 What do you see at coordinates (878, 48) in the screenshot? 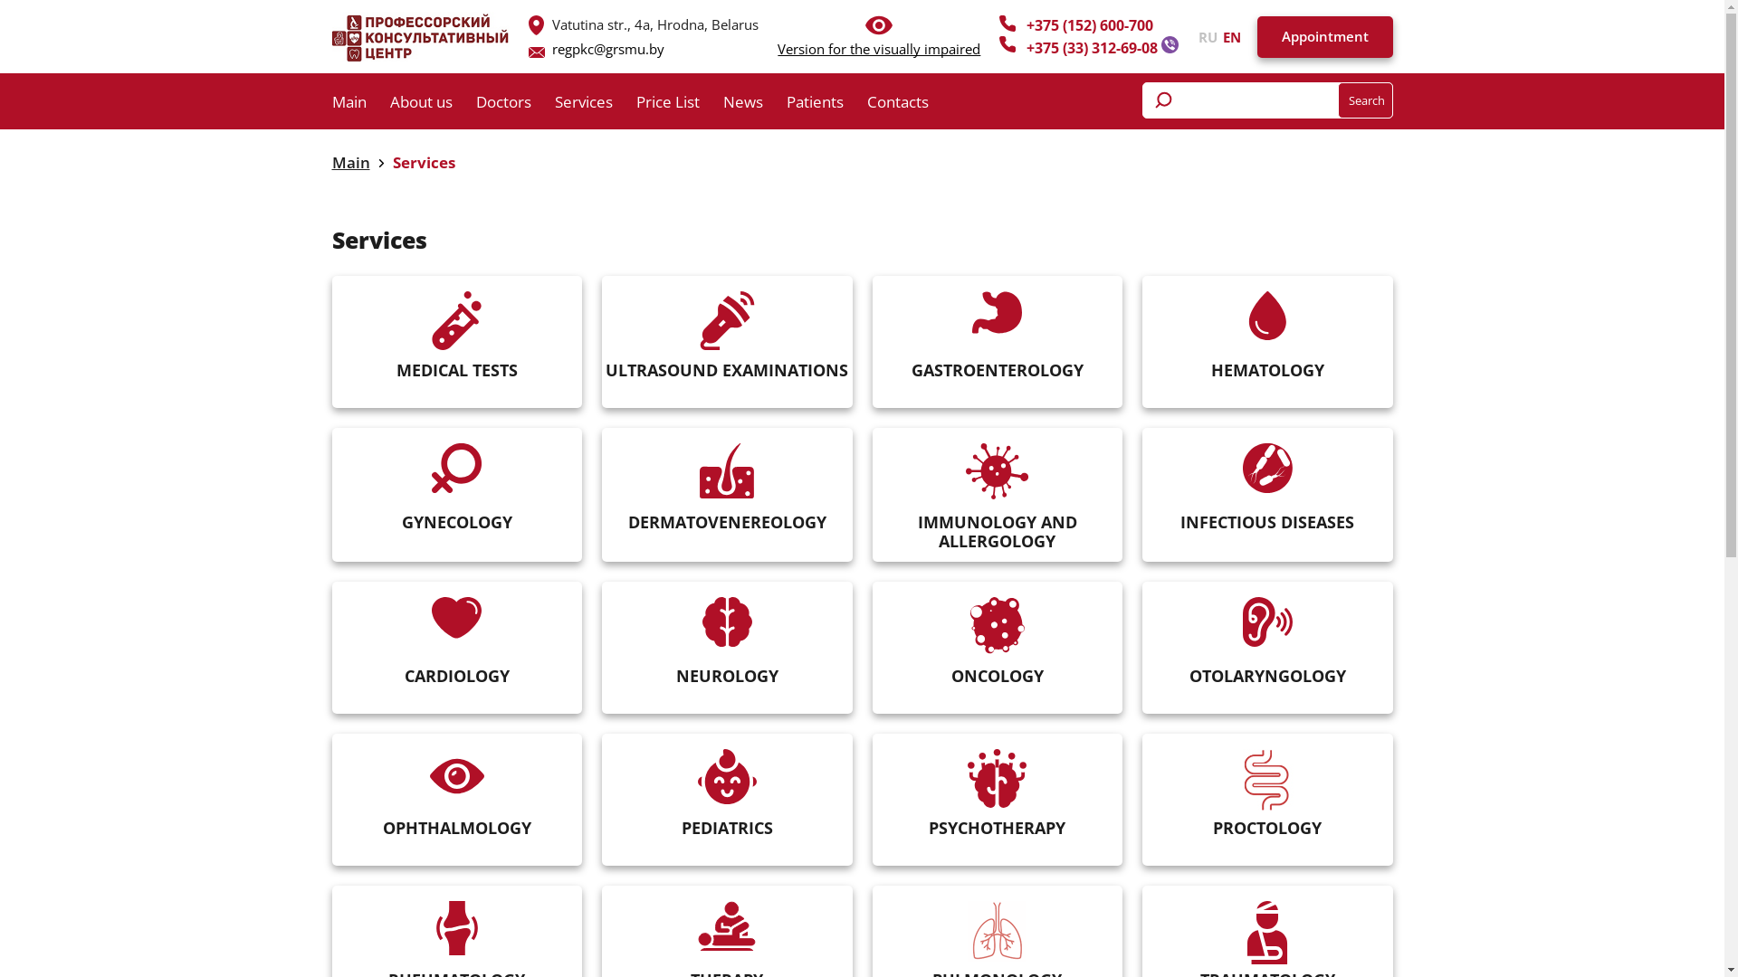
I see `'Version for the visually impaired'` at bounding box center [878, 48].